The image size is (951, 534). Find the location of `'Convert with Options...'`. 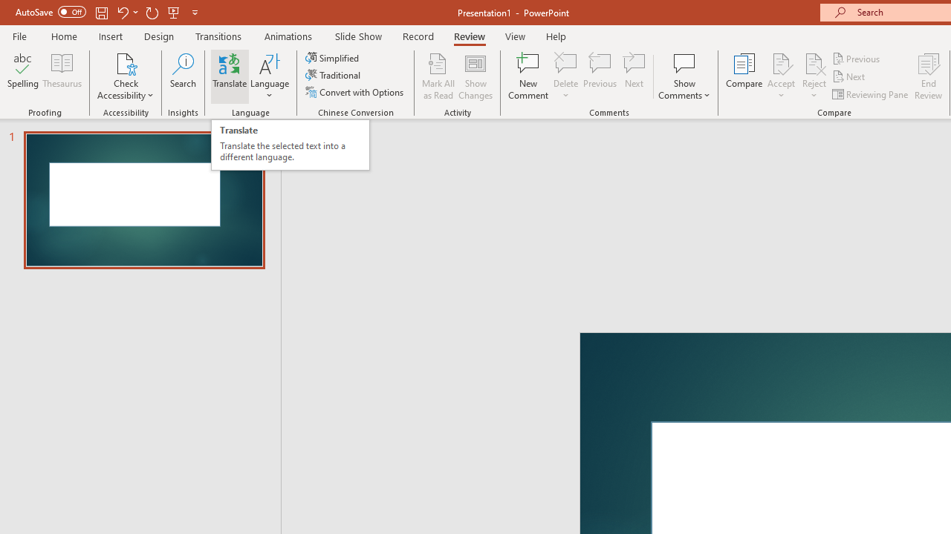

'Convert with Options...' is located at coordinates (355, 92).